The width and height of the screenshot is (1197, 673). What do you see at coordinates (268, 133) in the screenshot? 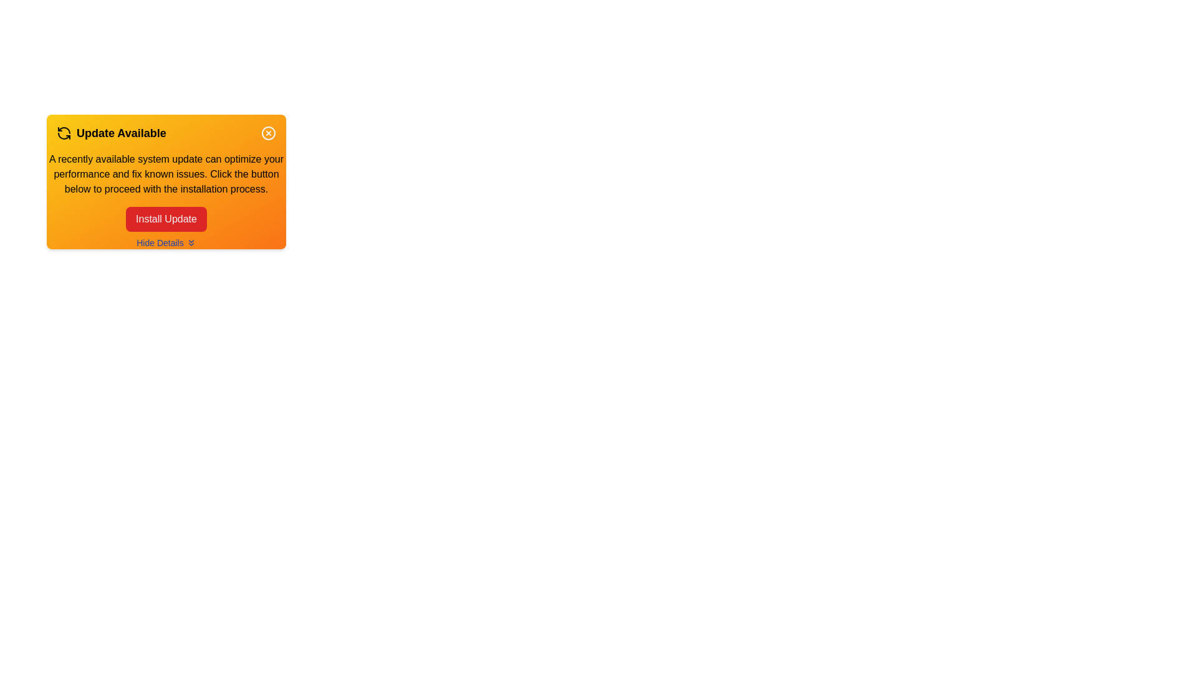
I see `close button to dismiss the notification` at bounding box center [268, 133].